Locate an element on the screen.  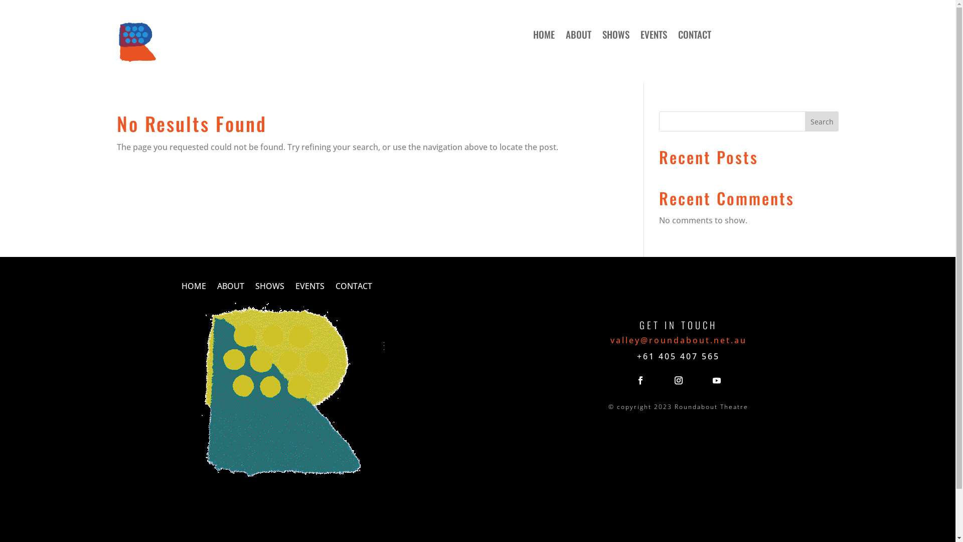
'ra-logo' is located at coordinates (116, 42).